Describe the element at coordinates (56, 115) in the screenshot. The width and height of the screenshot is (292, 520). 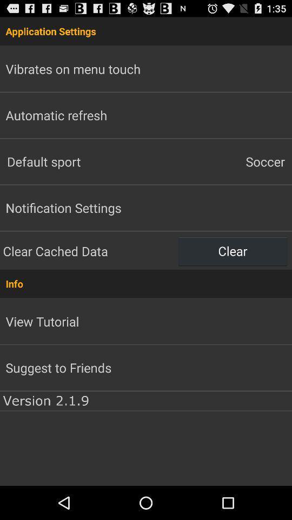
I see `the icon below vibrates on menu app` at that location.